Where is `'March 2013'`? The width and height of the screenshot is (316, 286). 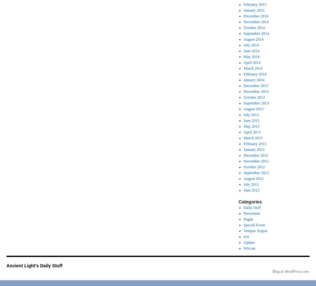 'March 2013' is located at coordinates (253, 138).